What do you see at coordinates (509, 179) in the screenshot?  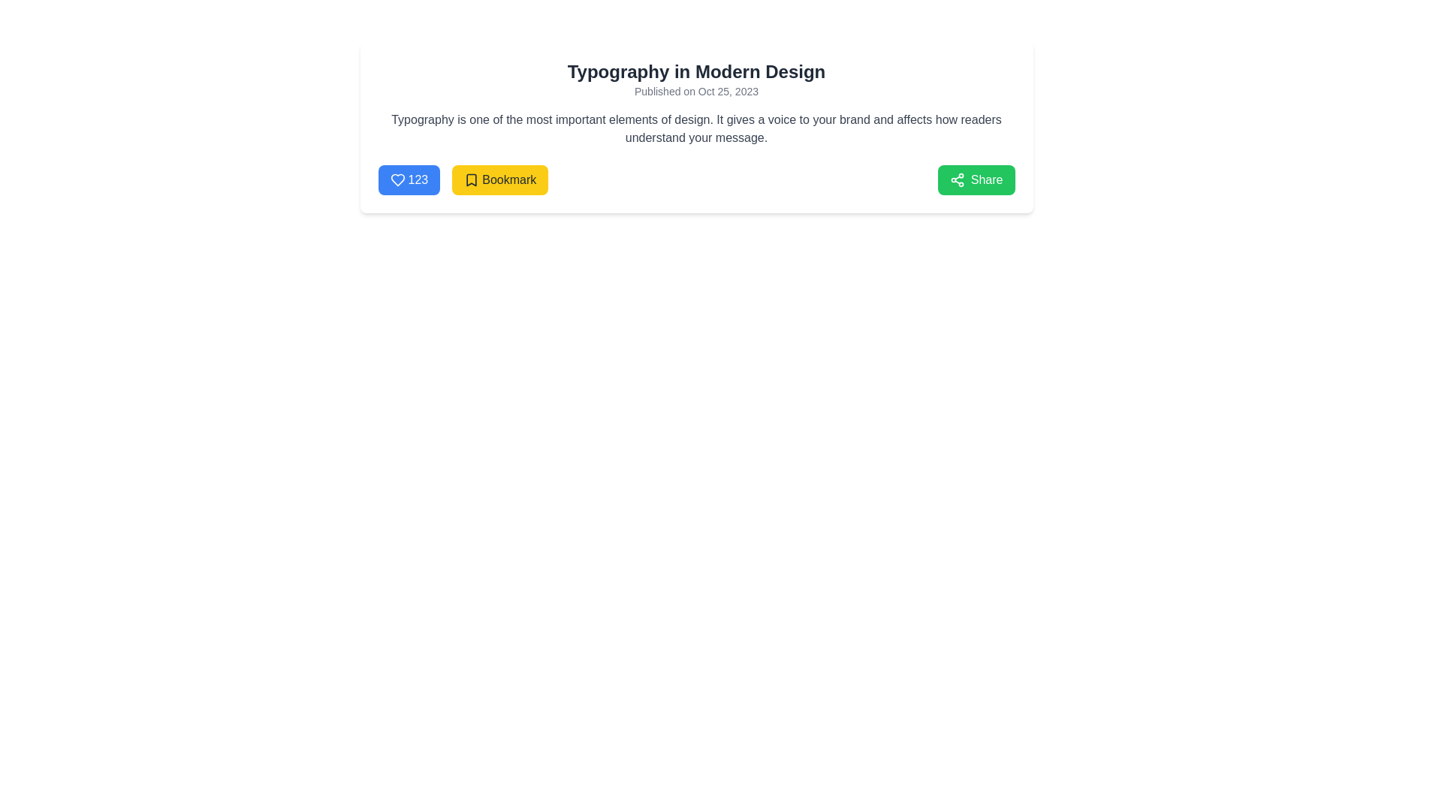 I see `static text label displaying 'Bookmark' within the button styled with a dark gray font on a yellow background, located near the center of the interface` at bounding box center [509, 179].